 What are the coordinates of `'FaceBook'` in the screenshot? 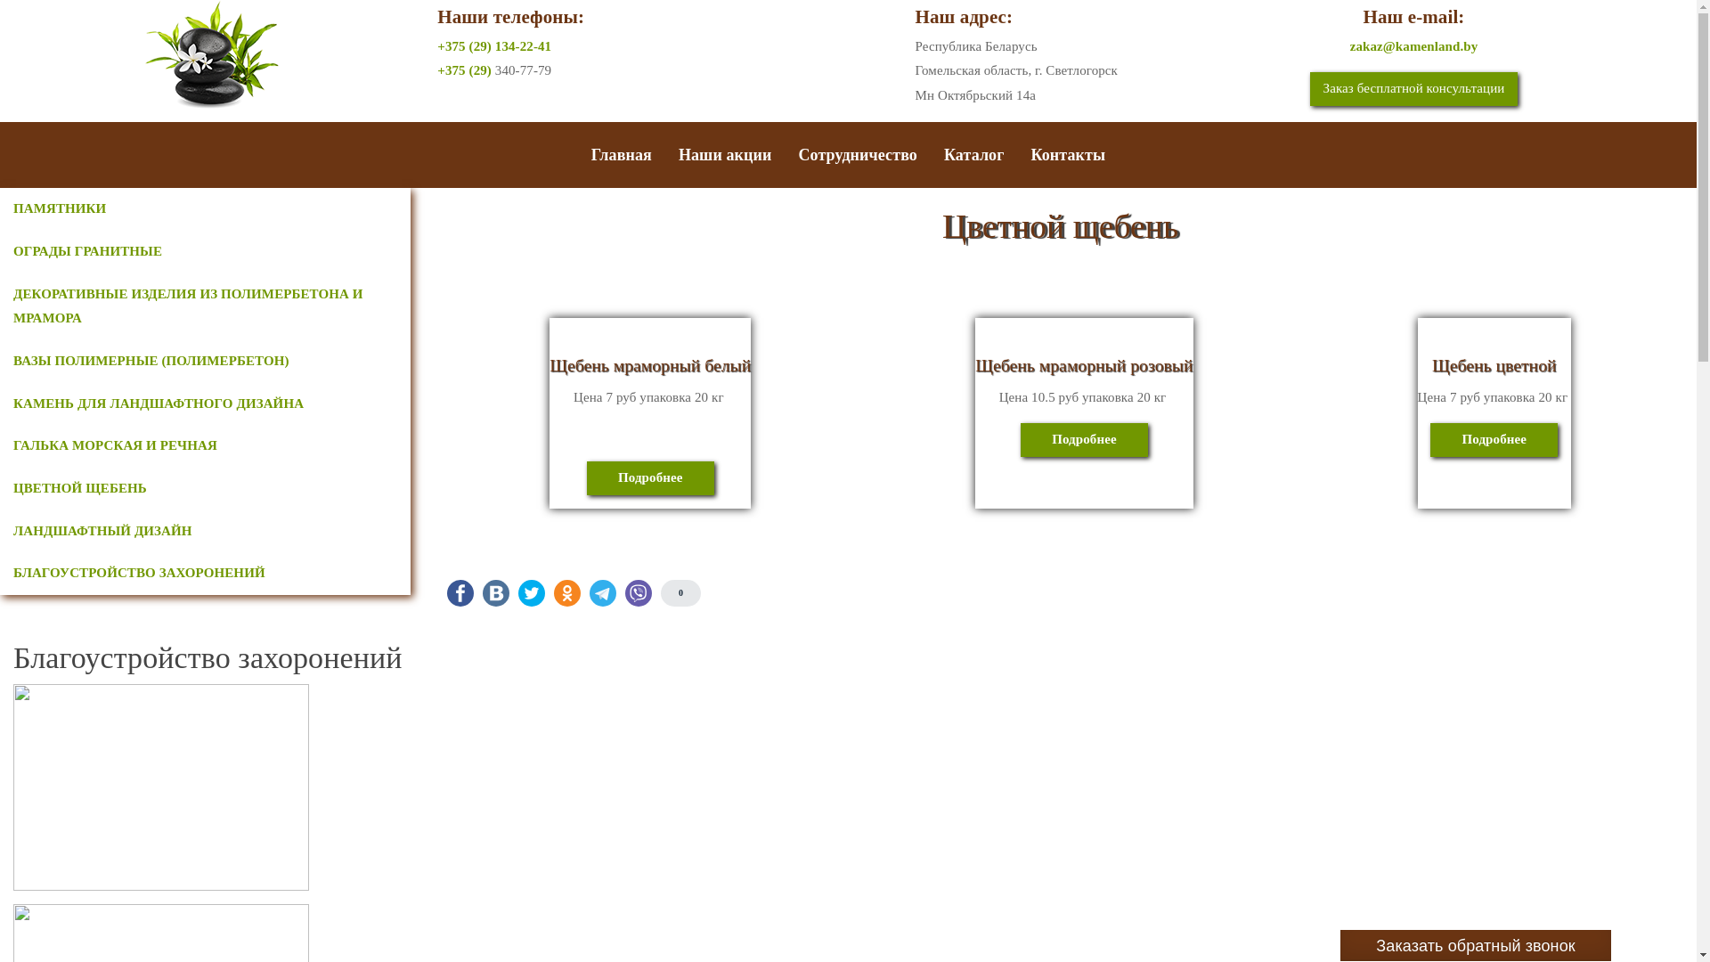 It's located at (460, 593).